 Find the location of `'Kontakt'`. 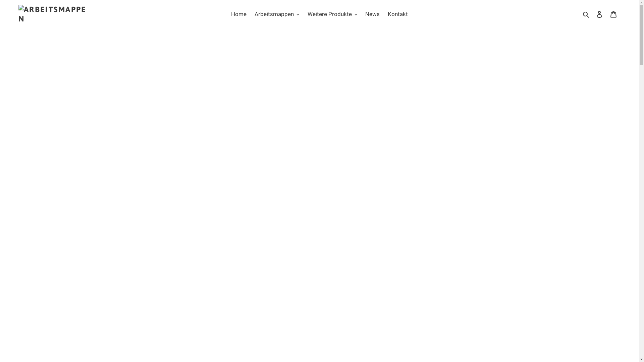

'Kontakt' is located at coordinates (384, 14).